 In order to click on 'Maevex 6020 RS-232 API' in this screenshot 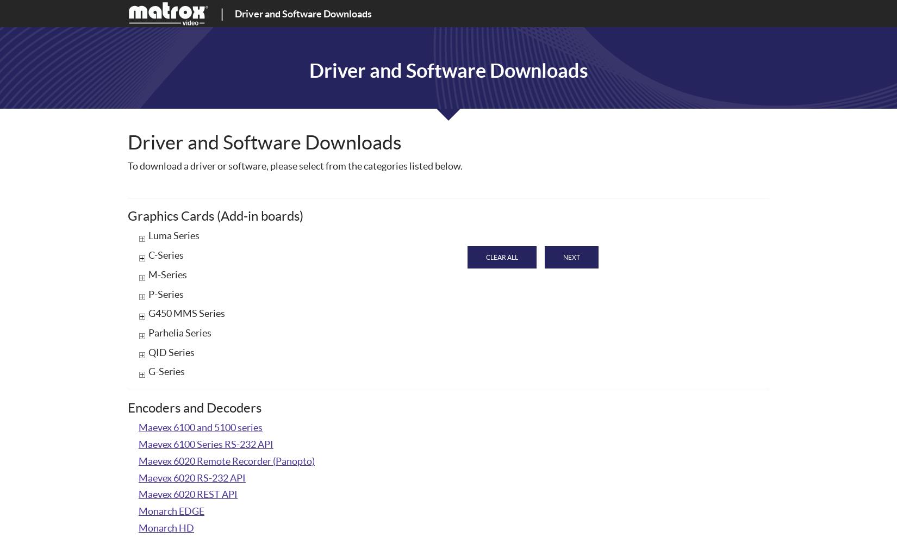, I will do `click(192, 477)`.